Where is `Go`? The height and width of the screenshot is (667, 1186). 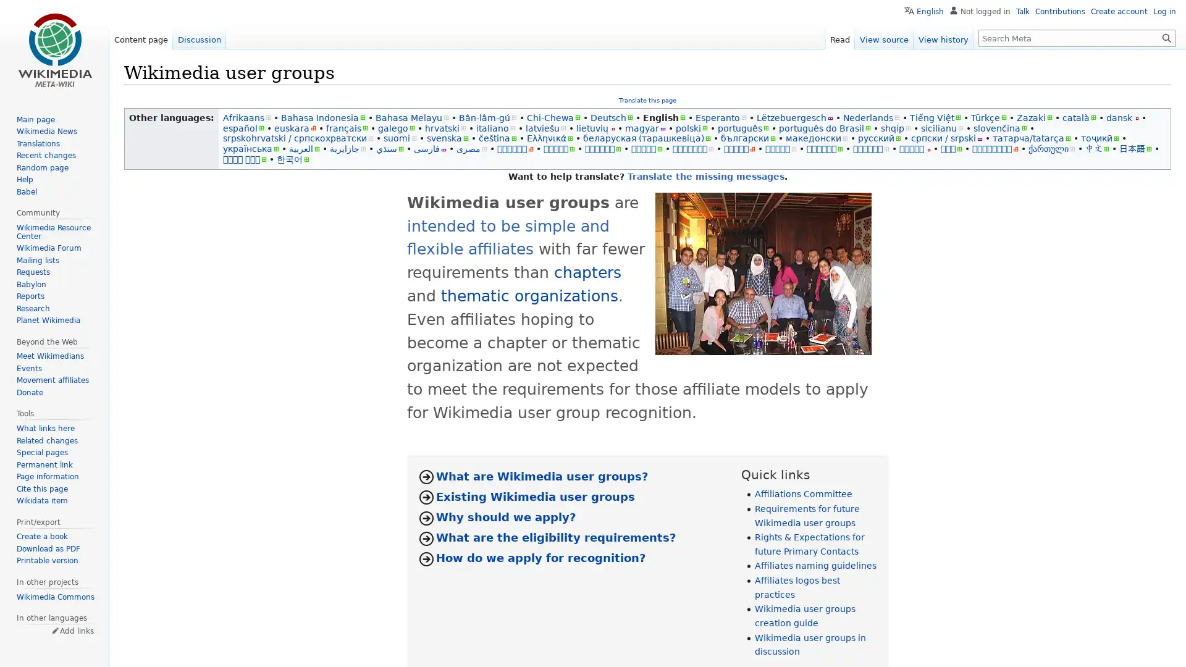
Go is located at coordinates (1166, 37).